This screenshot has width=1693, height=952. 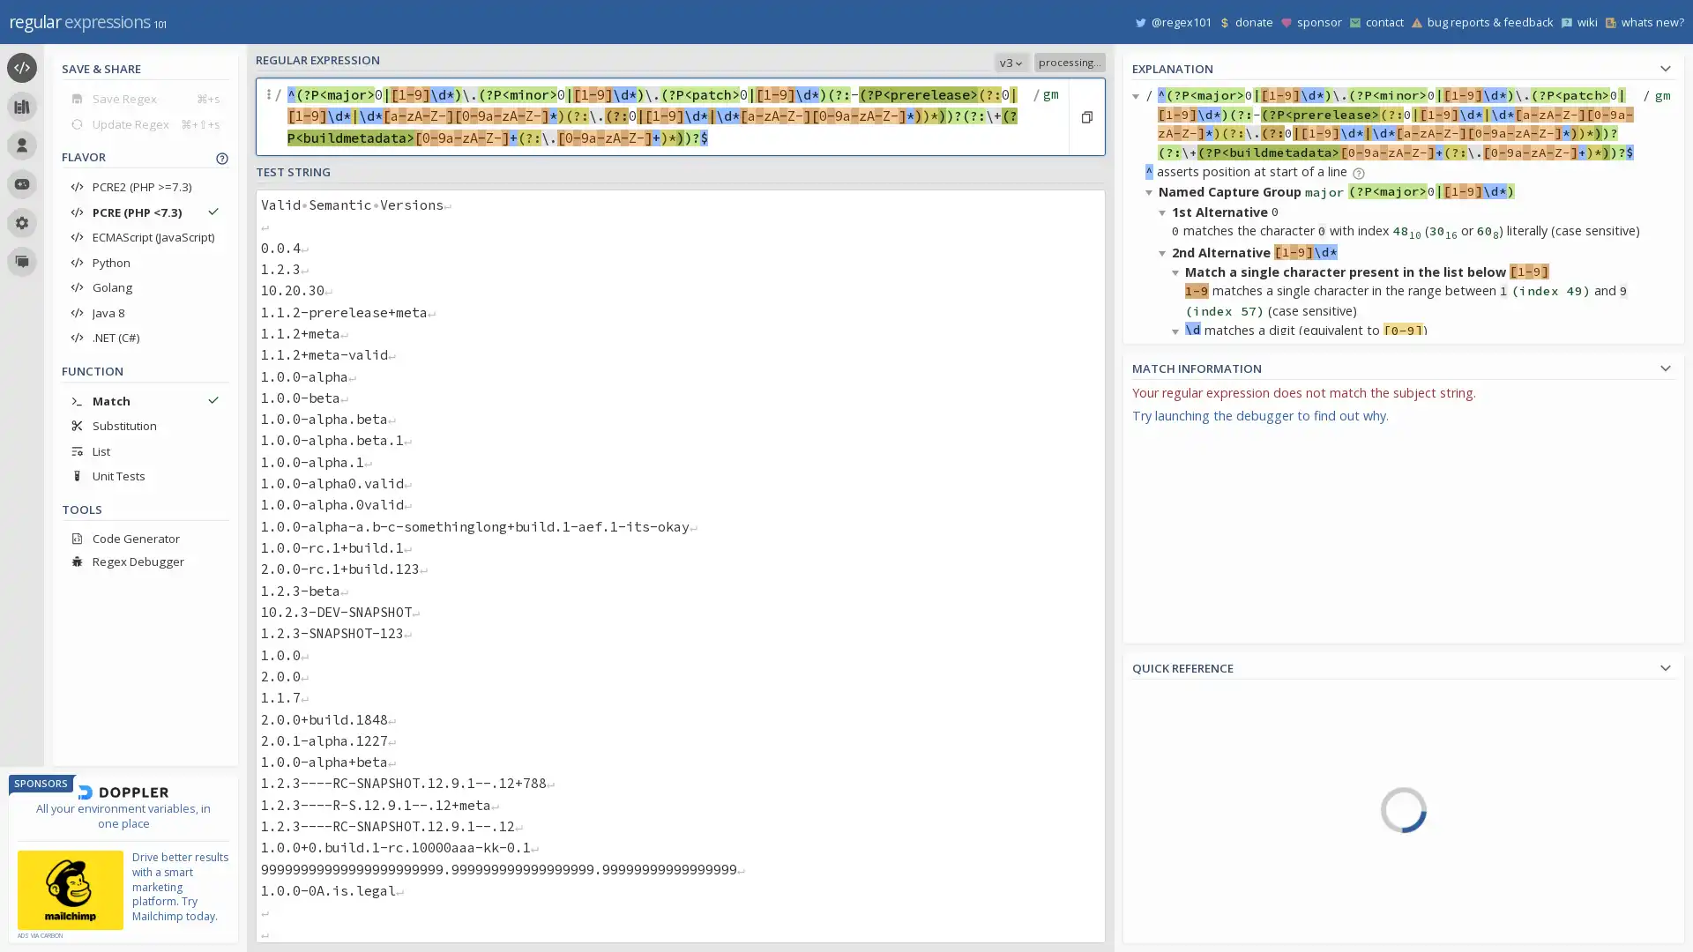 I want to click on Group major, so click(x=1179, y=581).